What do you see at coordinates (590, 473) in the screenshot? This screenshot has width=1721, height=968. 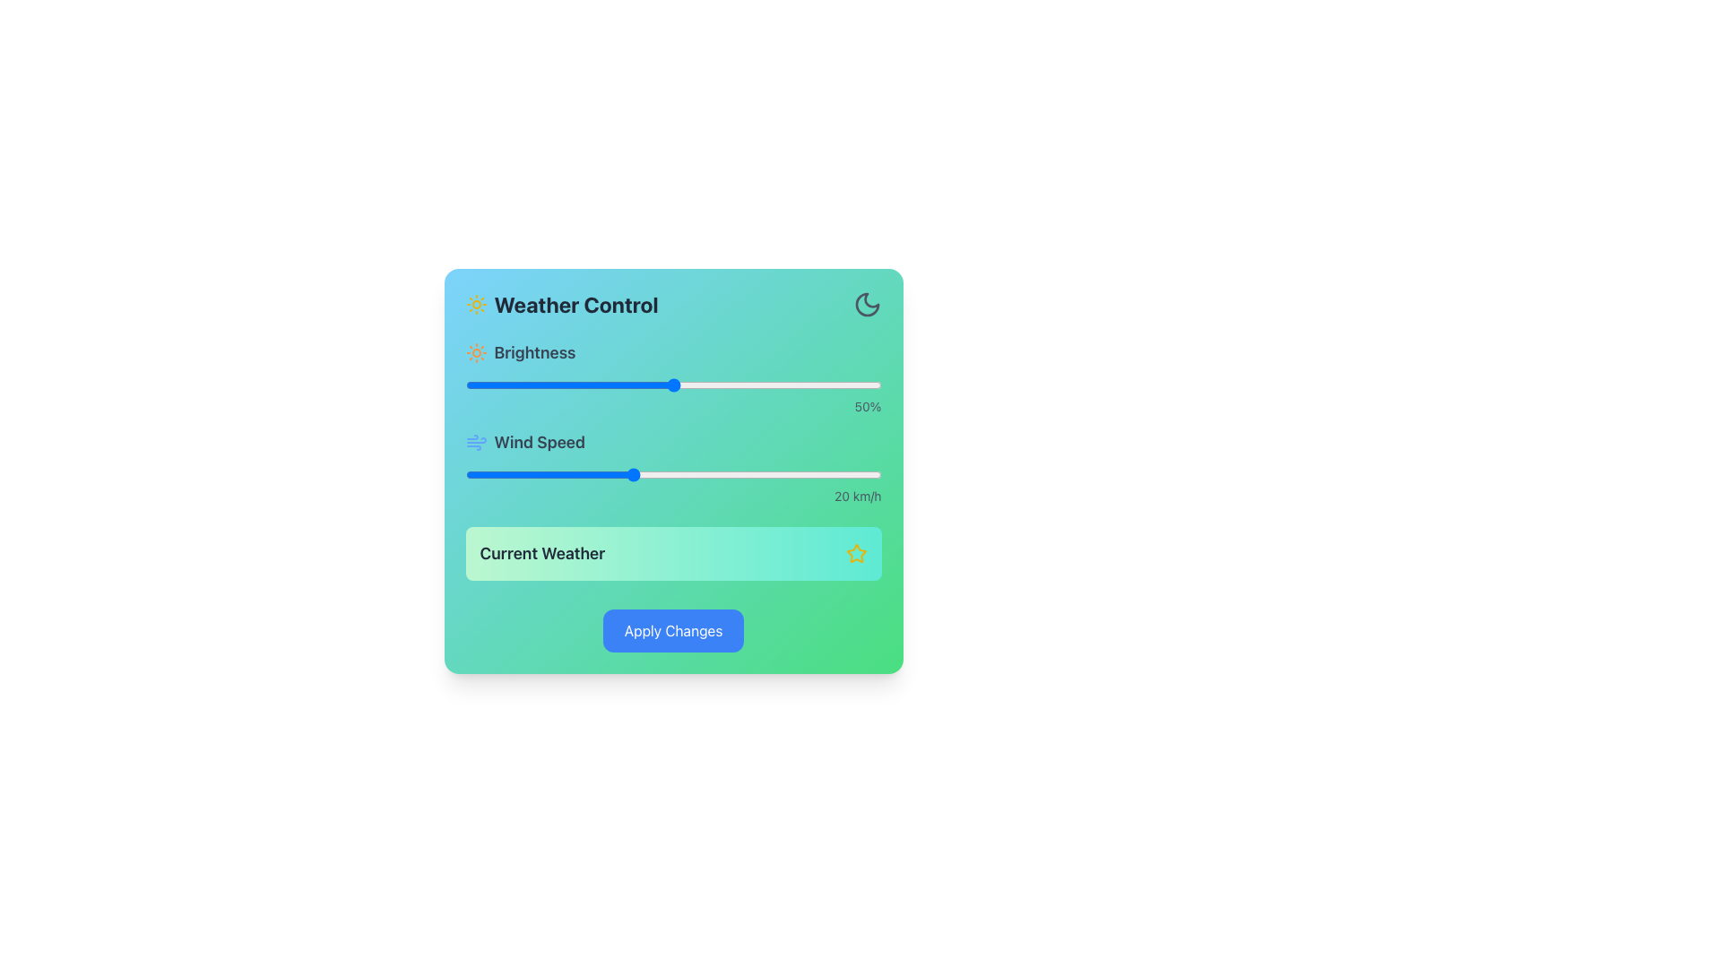 I see `the wind speed` at bounding box center [590, 473].